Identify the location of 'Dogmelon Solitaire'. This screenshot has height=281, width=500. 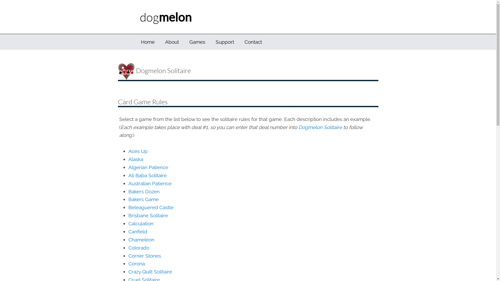
(320, 127).